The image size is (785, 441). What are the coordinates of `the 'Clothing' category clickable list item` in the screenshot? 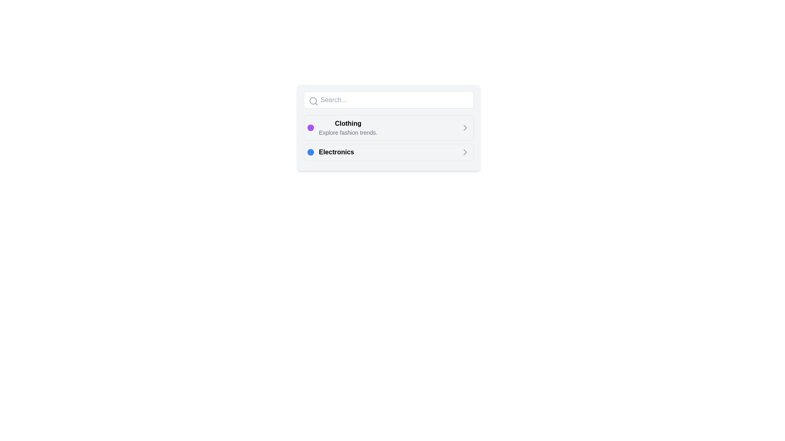 It's located at (388, 127).